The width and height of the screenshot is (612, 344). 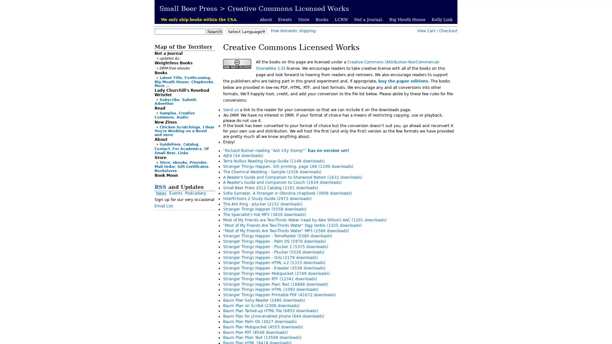 What do you see at coordinates (215, 32) in the screenshot?
I see `Search` at bounding box center [215, 32].